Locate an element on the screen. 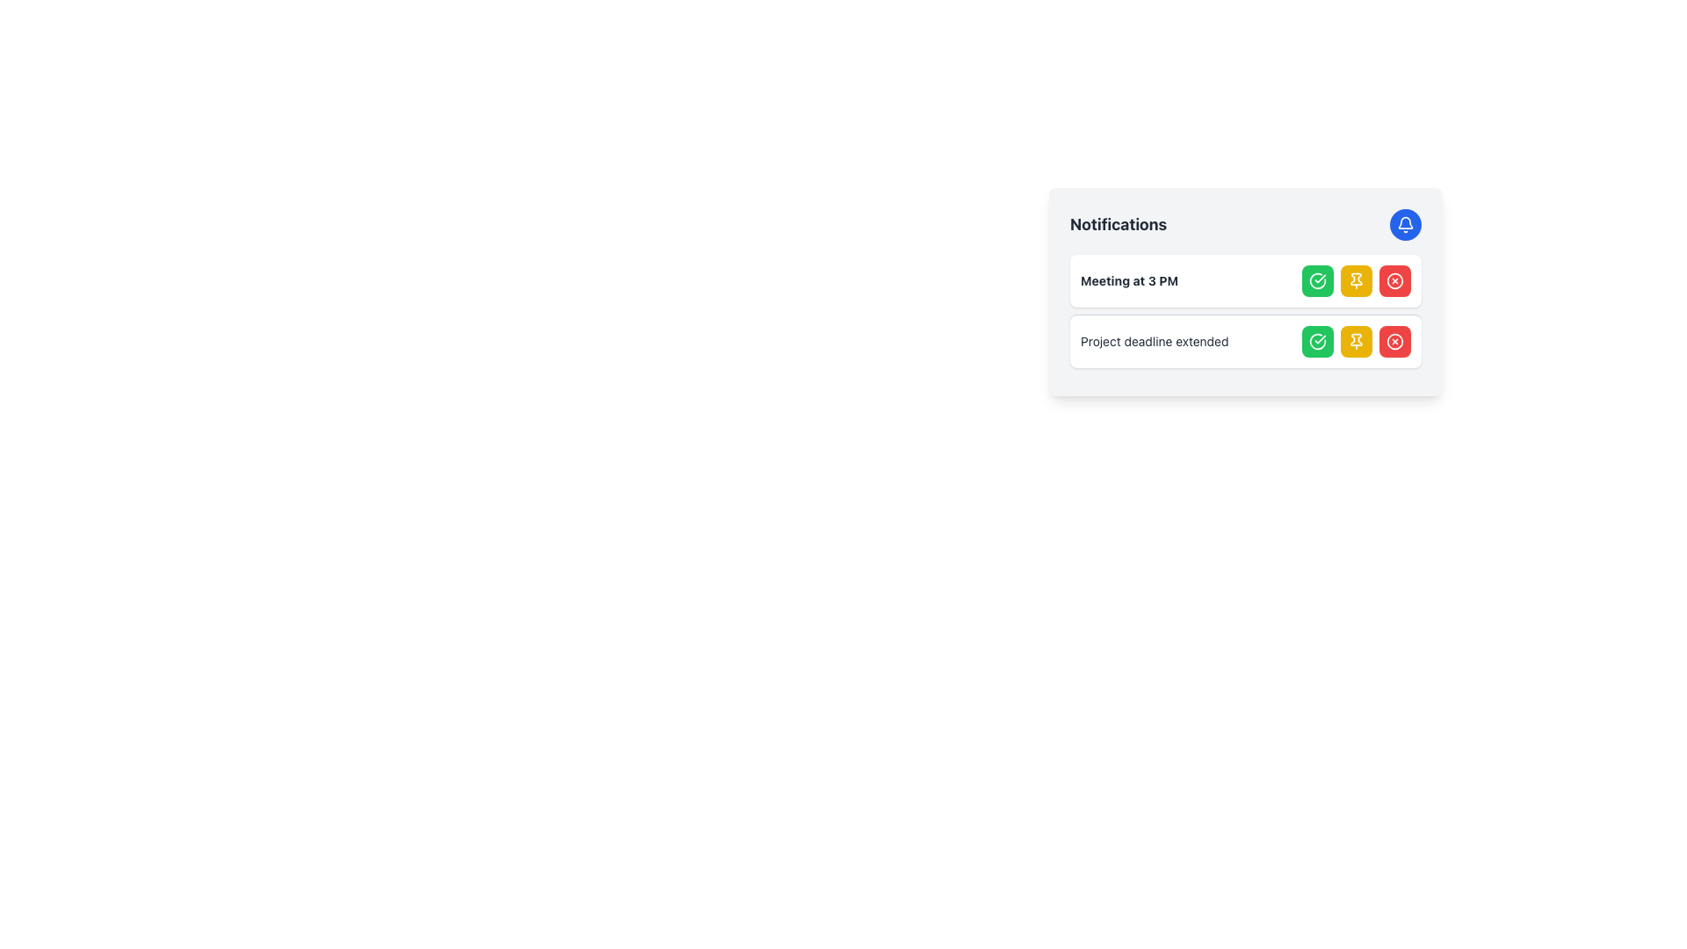 The height and width of the screenshot is (949, 1687). the small rectangular button with a yellow background and white text is located at coordinates (1356, 280).